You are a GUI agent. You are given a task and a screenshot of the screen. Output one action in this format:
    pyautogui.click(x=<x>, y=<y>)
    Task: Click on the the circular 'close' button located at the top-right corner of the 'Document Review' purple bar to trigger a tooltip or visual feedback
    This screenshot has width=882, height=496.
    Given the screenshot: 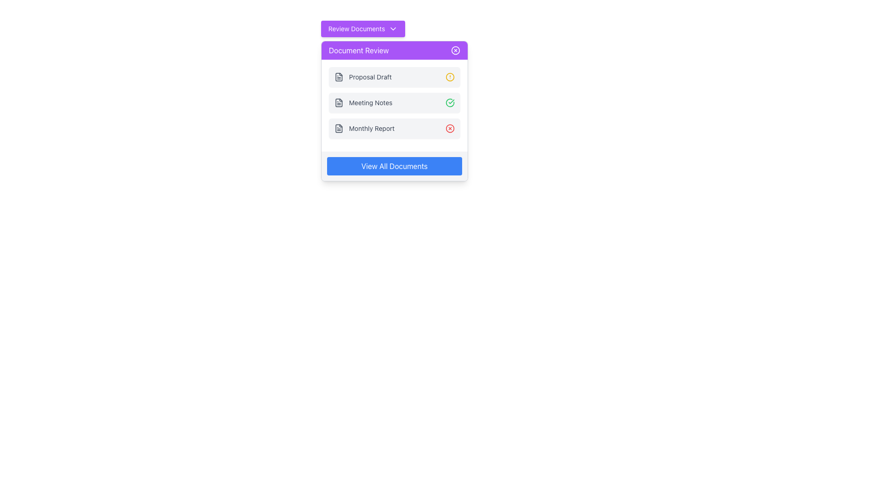 What is the action you would take?
    pyautogui.click(x=455, y=51)
    